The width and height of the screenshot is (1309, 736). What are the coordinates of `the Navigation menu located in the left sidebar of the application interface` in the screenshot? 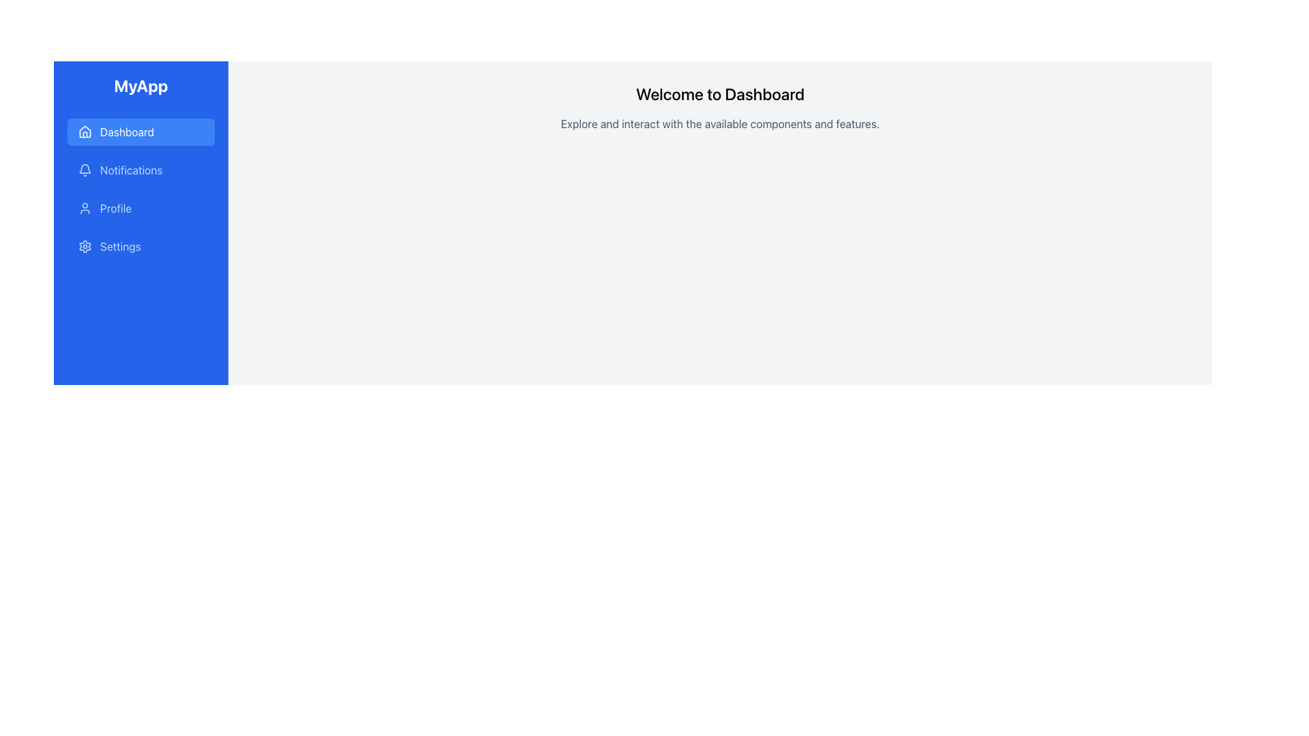 It's located at (140, 189).